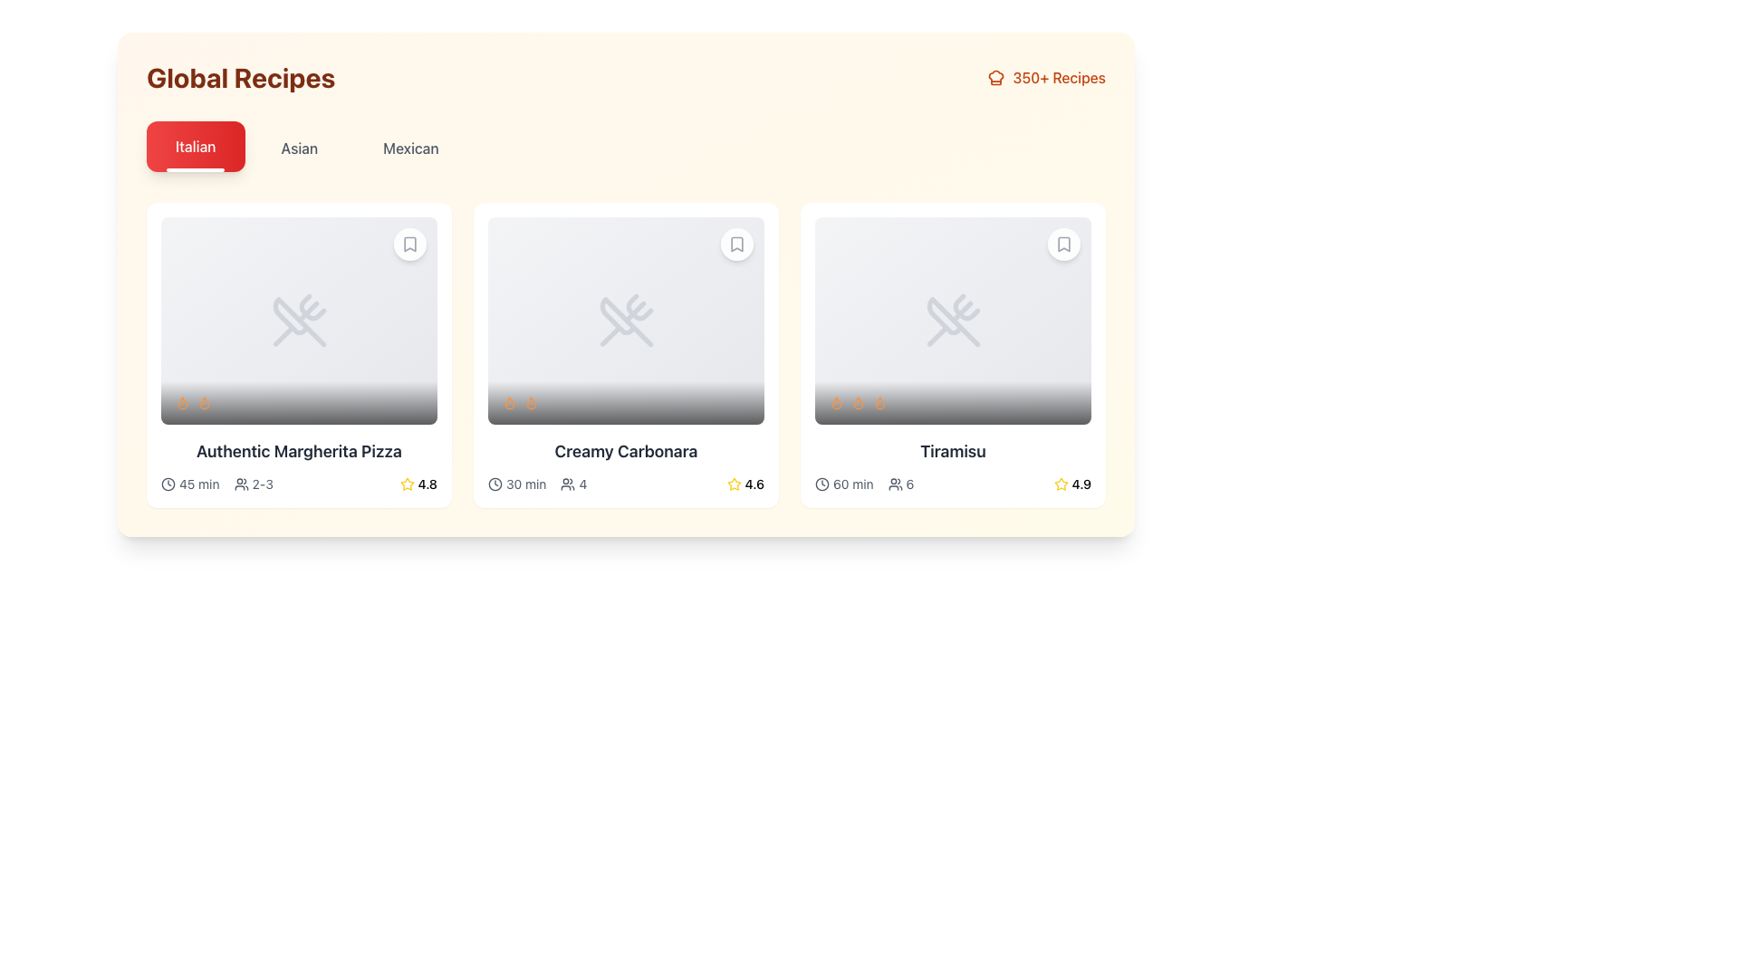  What do you see at coordinates (995, 76) in the screenshot?
I see `the cooking or recipes categorization icon located near the top-right corner of the interface` at bounding box center [995, 76].